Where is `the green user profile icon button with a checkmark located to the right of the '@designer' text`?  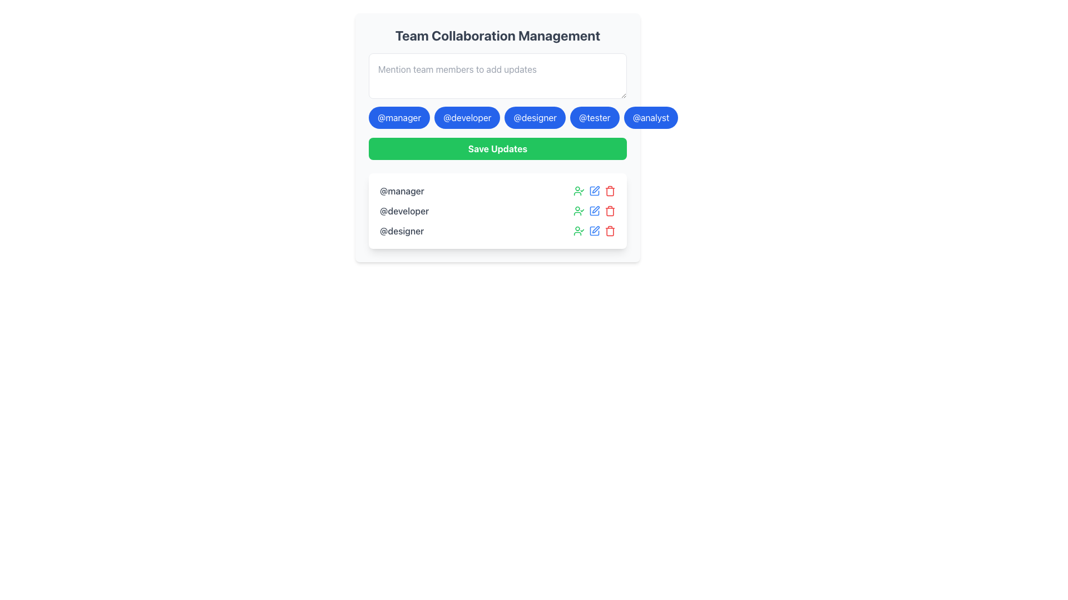
the green user profile icon button with a checkmark located to the right of the '@designer' text is located at coordinates (578, 231).